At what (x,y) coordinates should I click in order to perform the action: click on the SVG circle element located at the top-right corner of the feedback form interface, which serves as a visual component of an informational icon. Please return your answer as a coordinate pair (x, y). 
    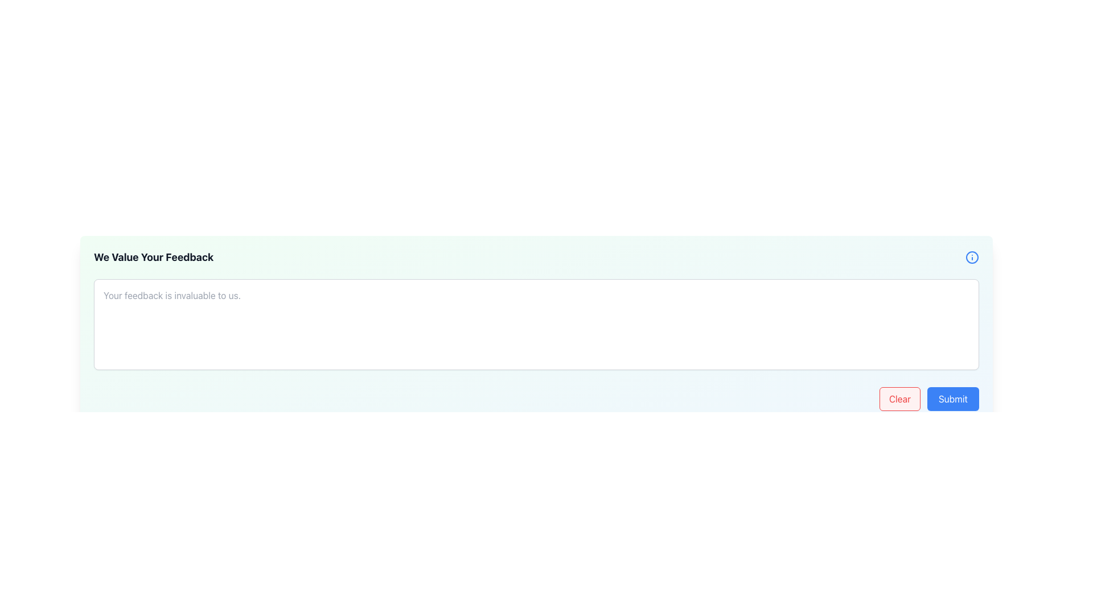
    Looking at the image, I should click on (972, 257).